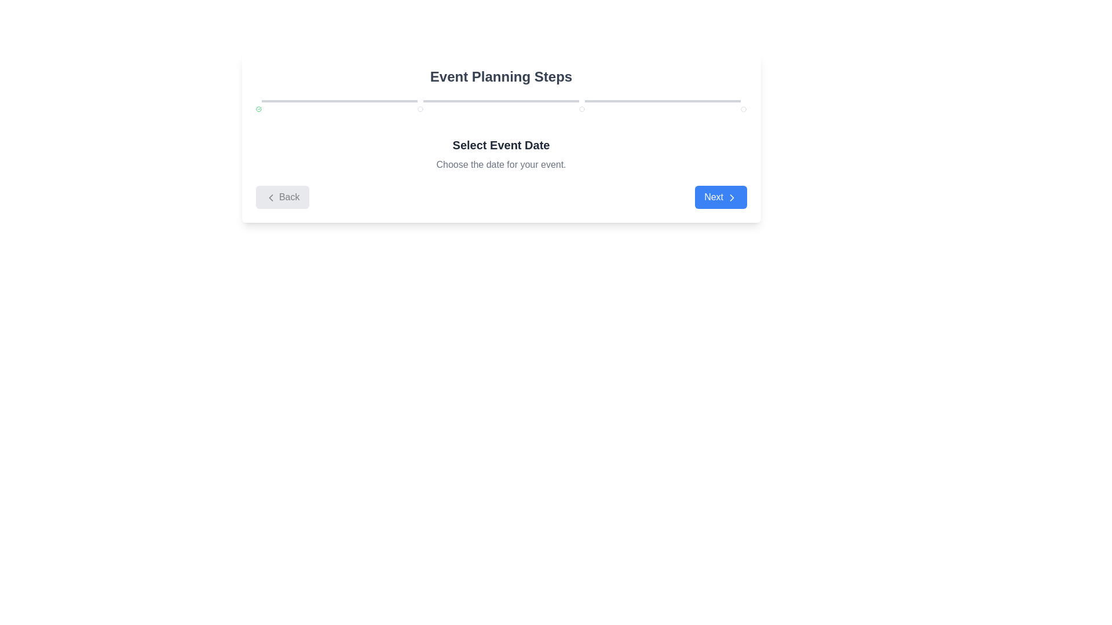 The height and width of the screenshot is (625, 1112). I want to click on the text label that reads 'Choose the date for your event.' which is styled in a medium-sized gray font and is located directly below the header 'Select Event Date.', so click(501, 165).